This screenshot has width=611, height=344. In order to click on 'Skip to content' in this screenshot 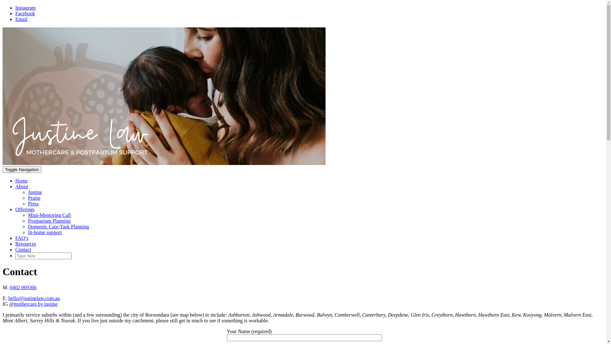, I will do `click(2, 5)`.